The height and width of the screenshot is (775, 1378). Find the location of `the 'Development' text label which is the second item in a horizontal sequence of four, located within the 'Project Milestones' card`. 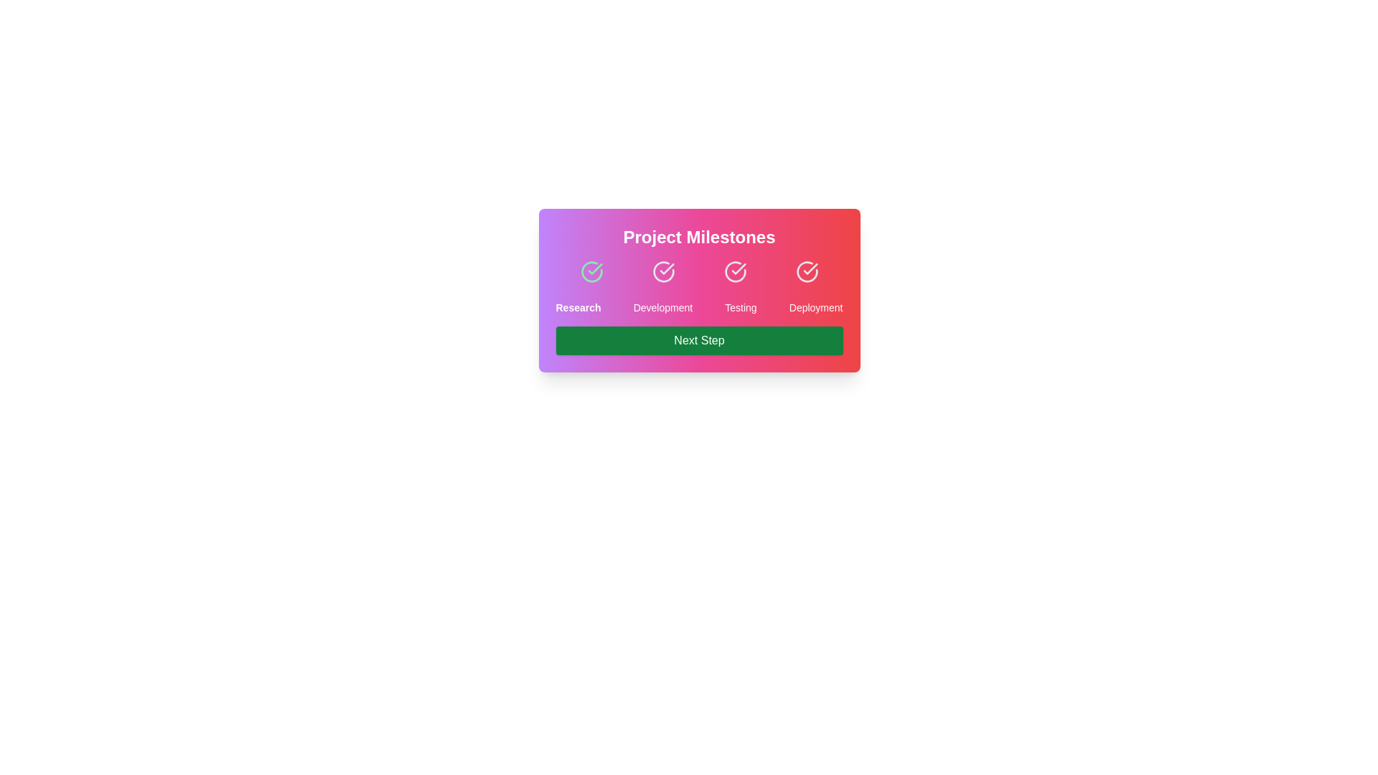

the 'Development' text label which is the second item in a horizontal sequence of four, located within the 'Project Milestones' card is located at coordinates (662, 306).